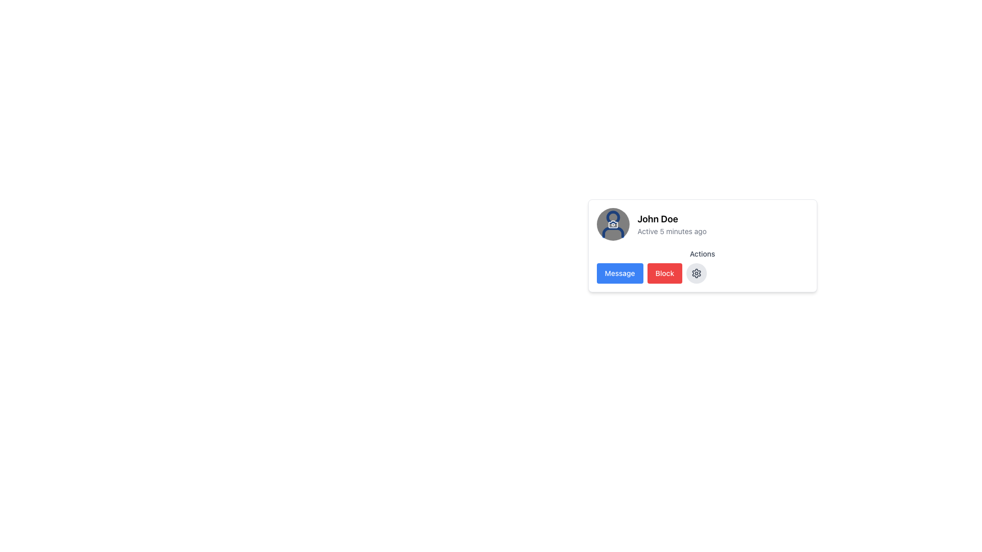 This screenshot has height=552, width=982. Describe the element at coordinates (672, 231) in the screenshot. I see `the informational static text that indicates the user's recent activity, located directly below 'John Doe' in the UI section` at that location.